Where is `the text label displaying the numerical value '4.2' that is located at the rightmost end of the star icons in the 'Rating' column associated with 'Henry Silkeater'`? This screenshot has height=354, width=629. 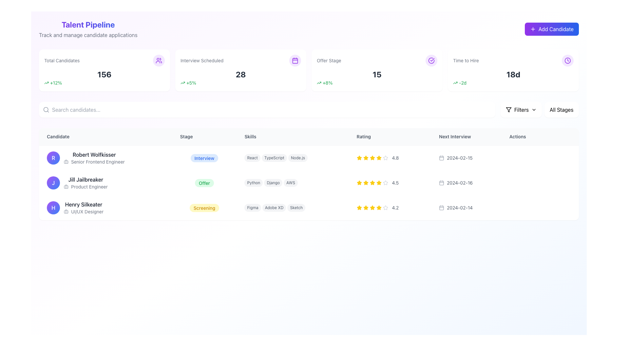
the text label displaying the numerical value '4.2' that is located at the rightmost end of the star icons in the 'Rating' column associated with 'Henry Silkeater' is located at coordinates (395, 207).